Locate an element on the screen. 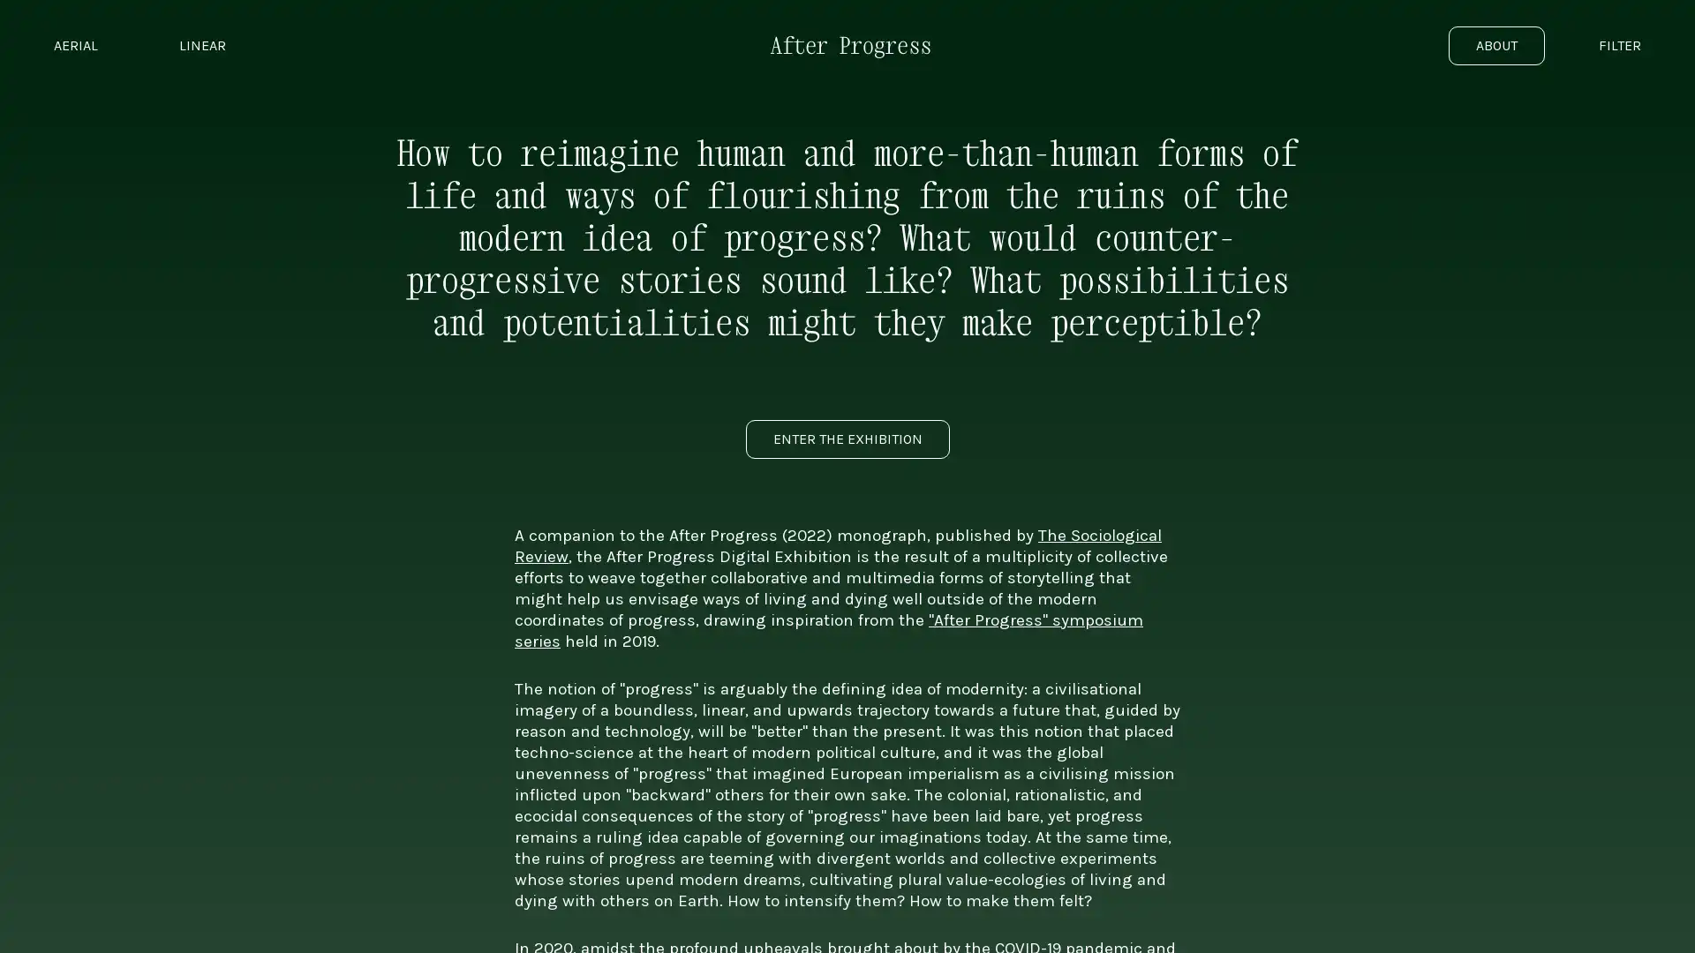  ENTER THE EXHIBITION is located at coordinates (846, 438).